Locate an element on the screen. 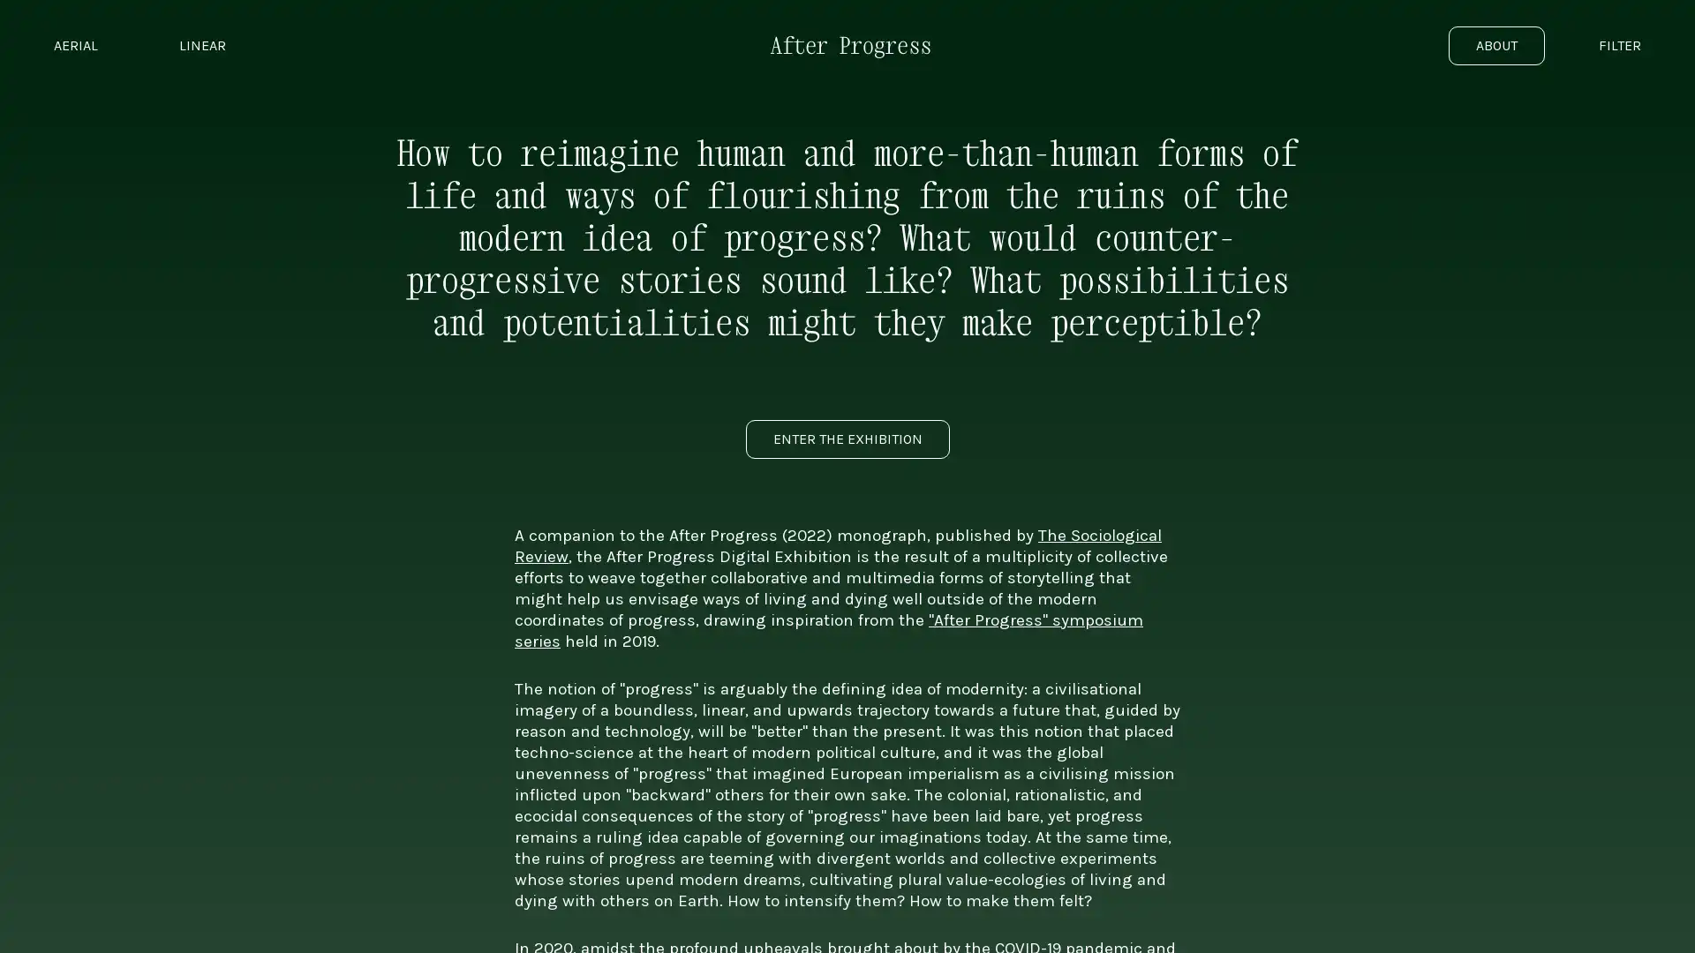  ENTER THE EXHIBITION is located at coordinates (846, 438).